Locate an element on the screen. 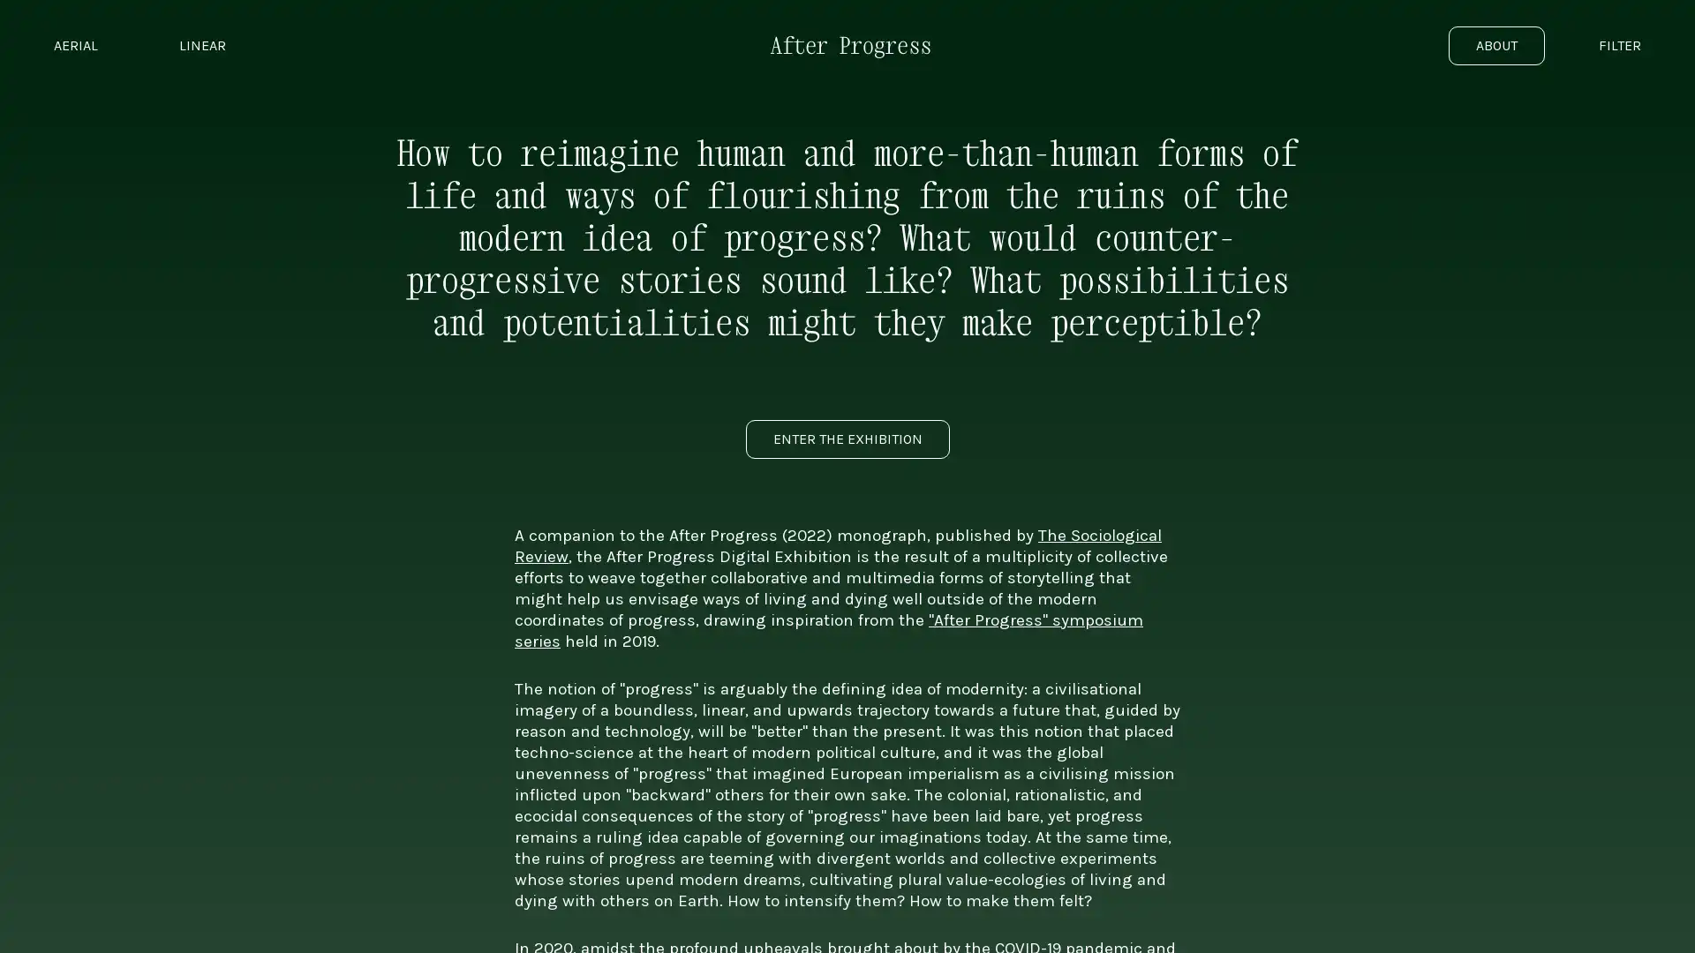  ENTER THE EXHIBITION is located at coordinates (846, 438).